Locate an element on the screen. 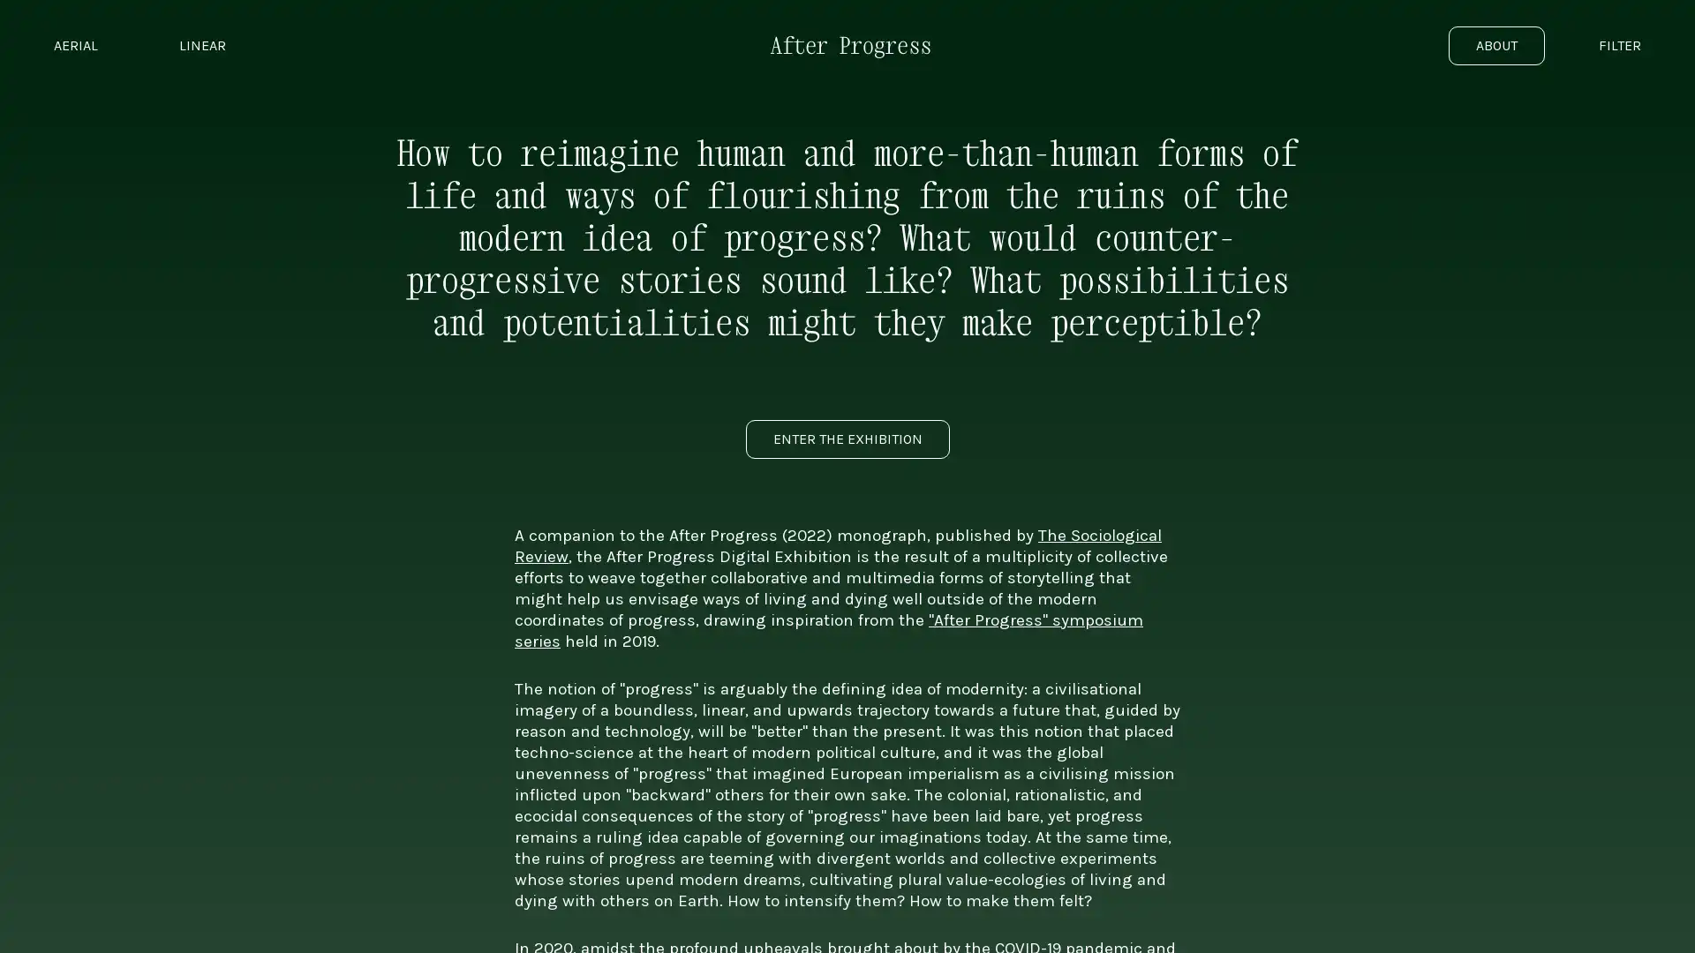  ENTER THE EXHIBITION is located at coordinates (846, 438).